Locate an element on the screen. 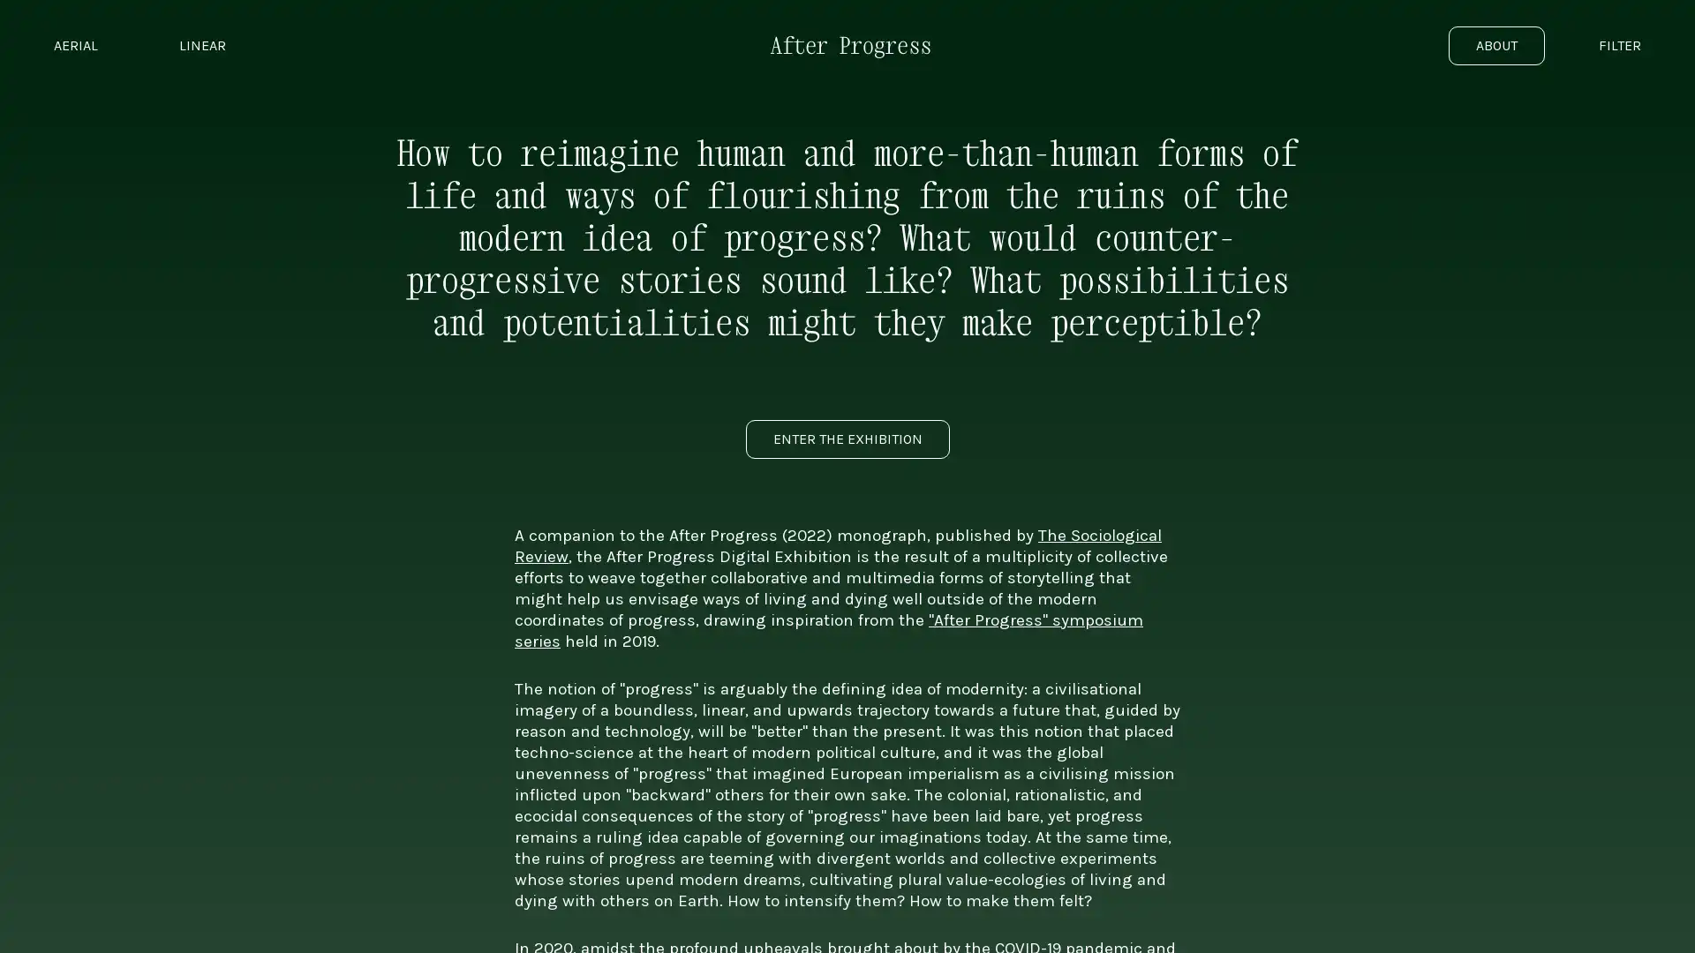  ENTER THE EXHIBITION is located at coordinates (846, 438).